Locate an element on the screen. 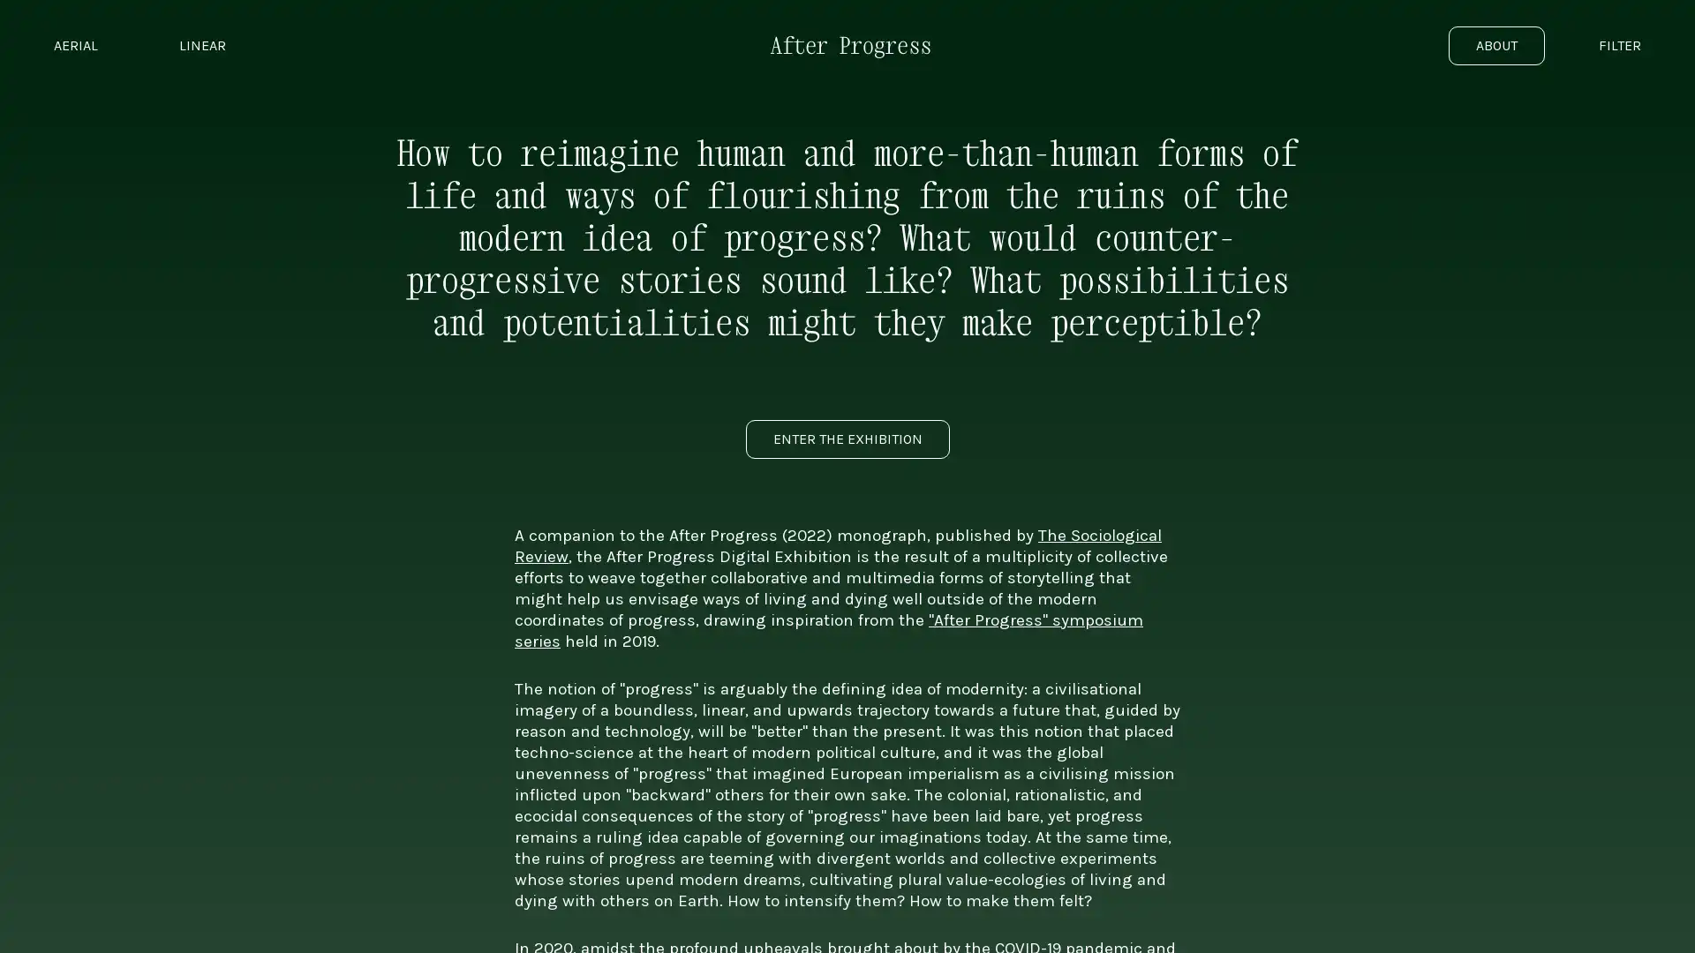  ENTER THE EXHIBITION is located at coordinates (846, 438).